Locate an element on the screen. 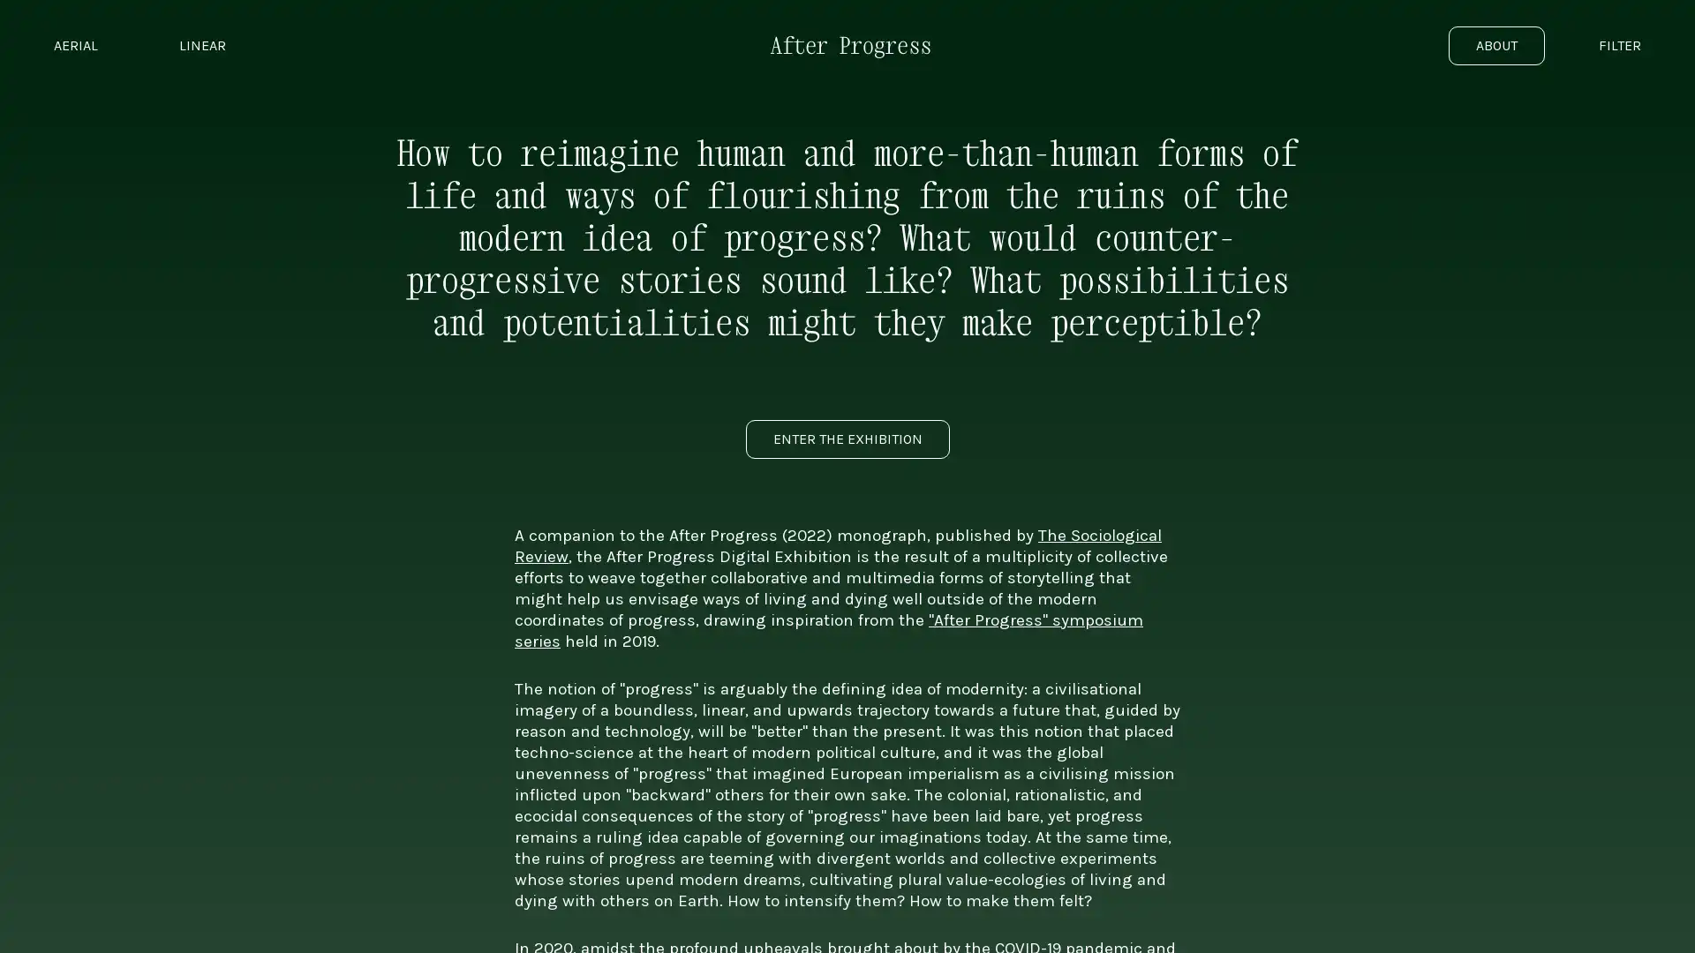  ENTER THE EXHIBITION is located at coordinates (846, 438).